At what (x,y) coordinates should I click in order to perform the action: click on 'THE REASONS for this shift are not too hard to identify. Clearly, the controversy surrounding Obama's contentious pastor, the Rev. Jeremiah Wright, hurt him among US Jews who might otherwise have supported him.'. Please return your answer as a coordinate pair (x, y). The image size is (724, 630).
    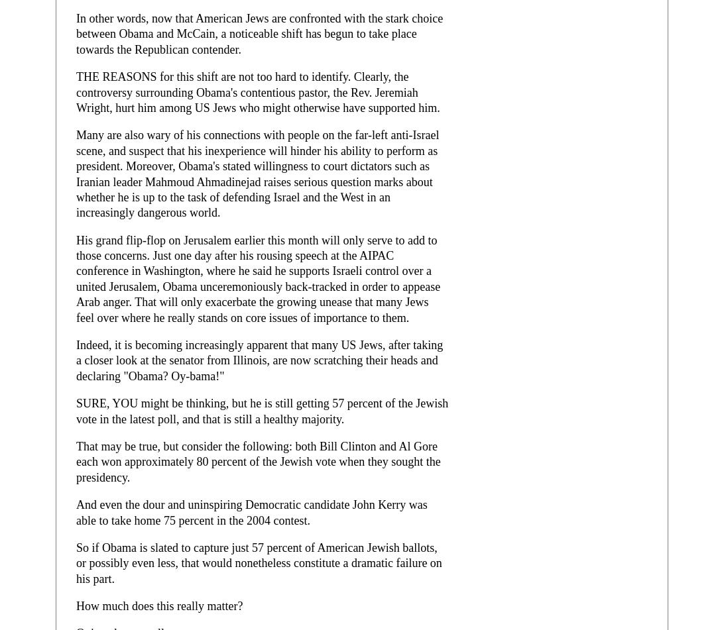
    Looking at the image, I should click on (257, 92).